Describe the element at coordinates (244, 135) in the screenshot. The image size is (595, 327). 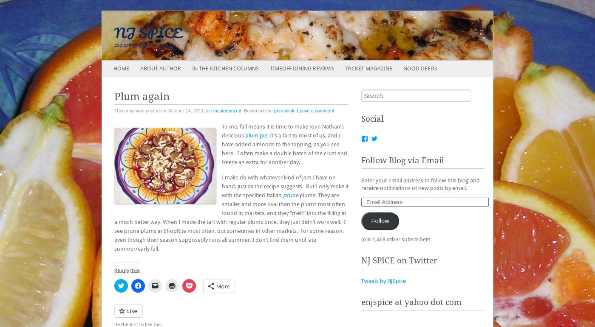
I see `'plum pie'` at that location.